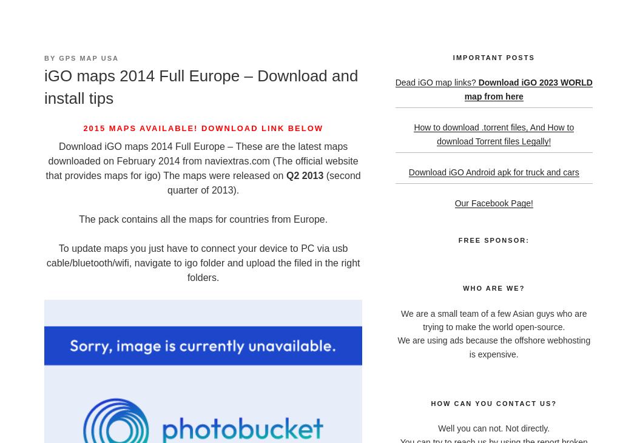 The height and width of the screenshot is (443, 637). Describe the element at coordinates (286, 175) in the screenshot. I see `'Q2 2013'` at that location.